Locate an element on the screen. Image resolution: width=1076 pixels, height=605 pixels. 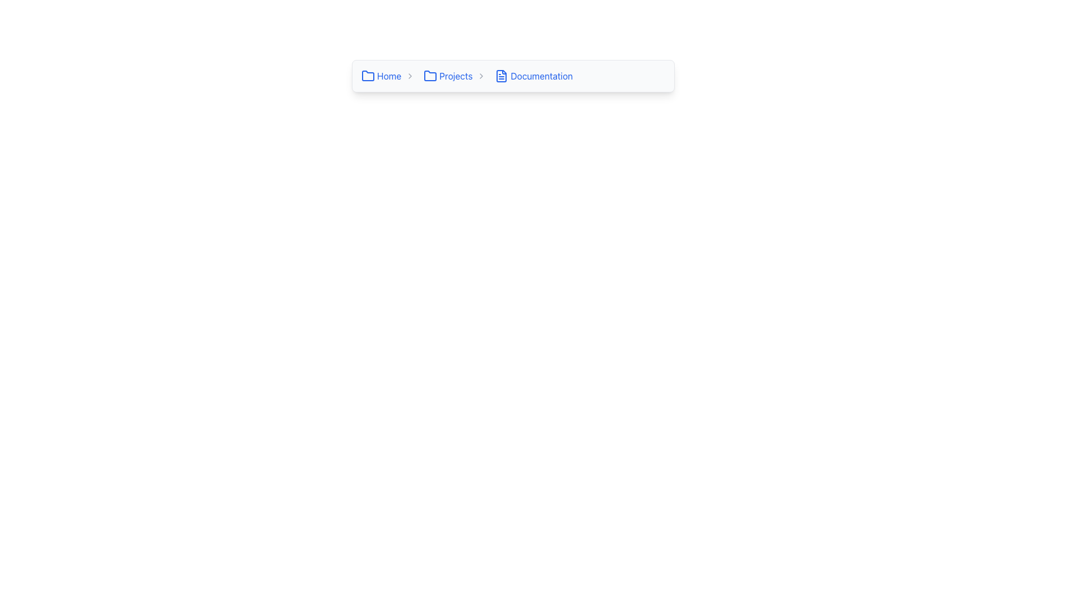
the rightmost hyperlink in the breadcrumb navigation bar is located at coordinates (541, 76).